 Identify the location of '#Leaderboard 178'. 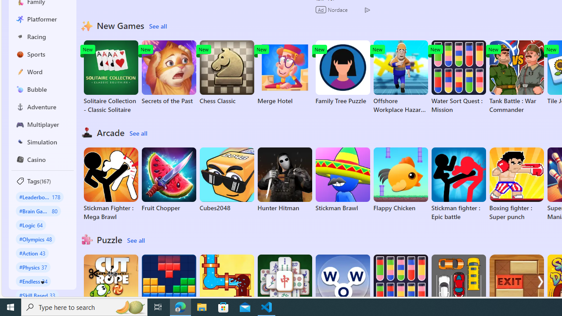
(39, 196).